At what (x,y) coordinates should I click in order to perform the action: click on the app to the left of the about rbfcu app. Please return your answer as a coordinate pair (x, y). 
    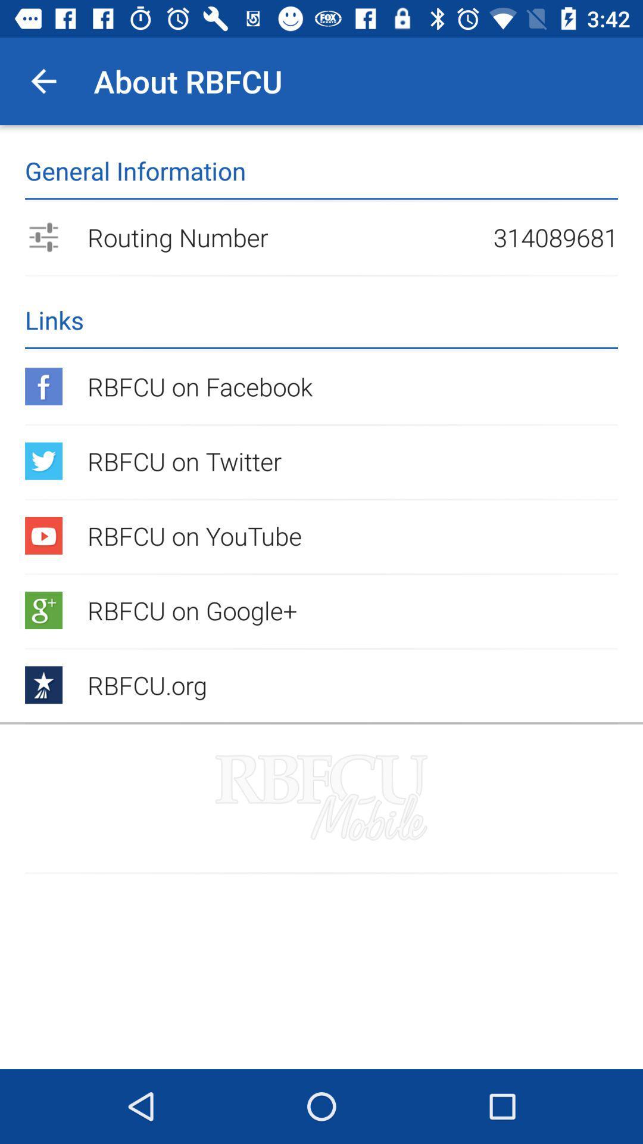
    Looking at the image, I should click on (43, 80).